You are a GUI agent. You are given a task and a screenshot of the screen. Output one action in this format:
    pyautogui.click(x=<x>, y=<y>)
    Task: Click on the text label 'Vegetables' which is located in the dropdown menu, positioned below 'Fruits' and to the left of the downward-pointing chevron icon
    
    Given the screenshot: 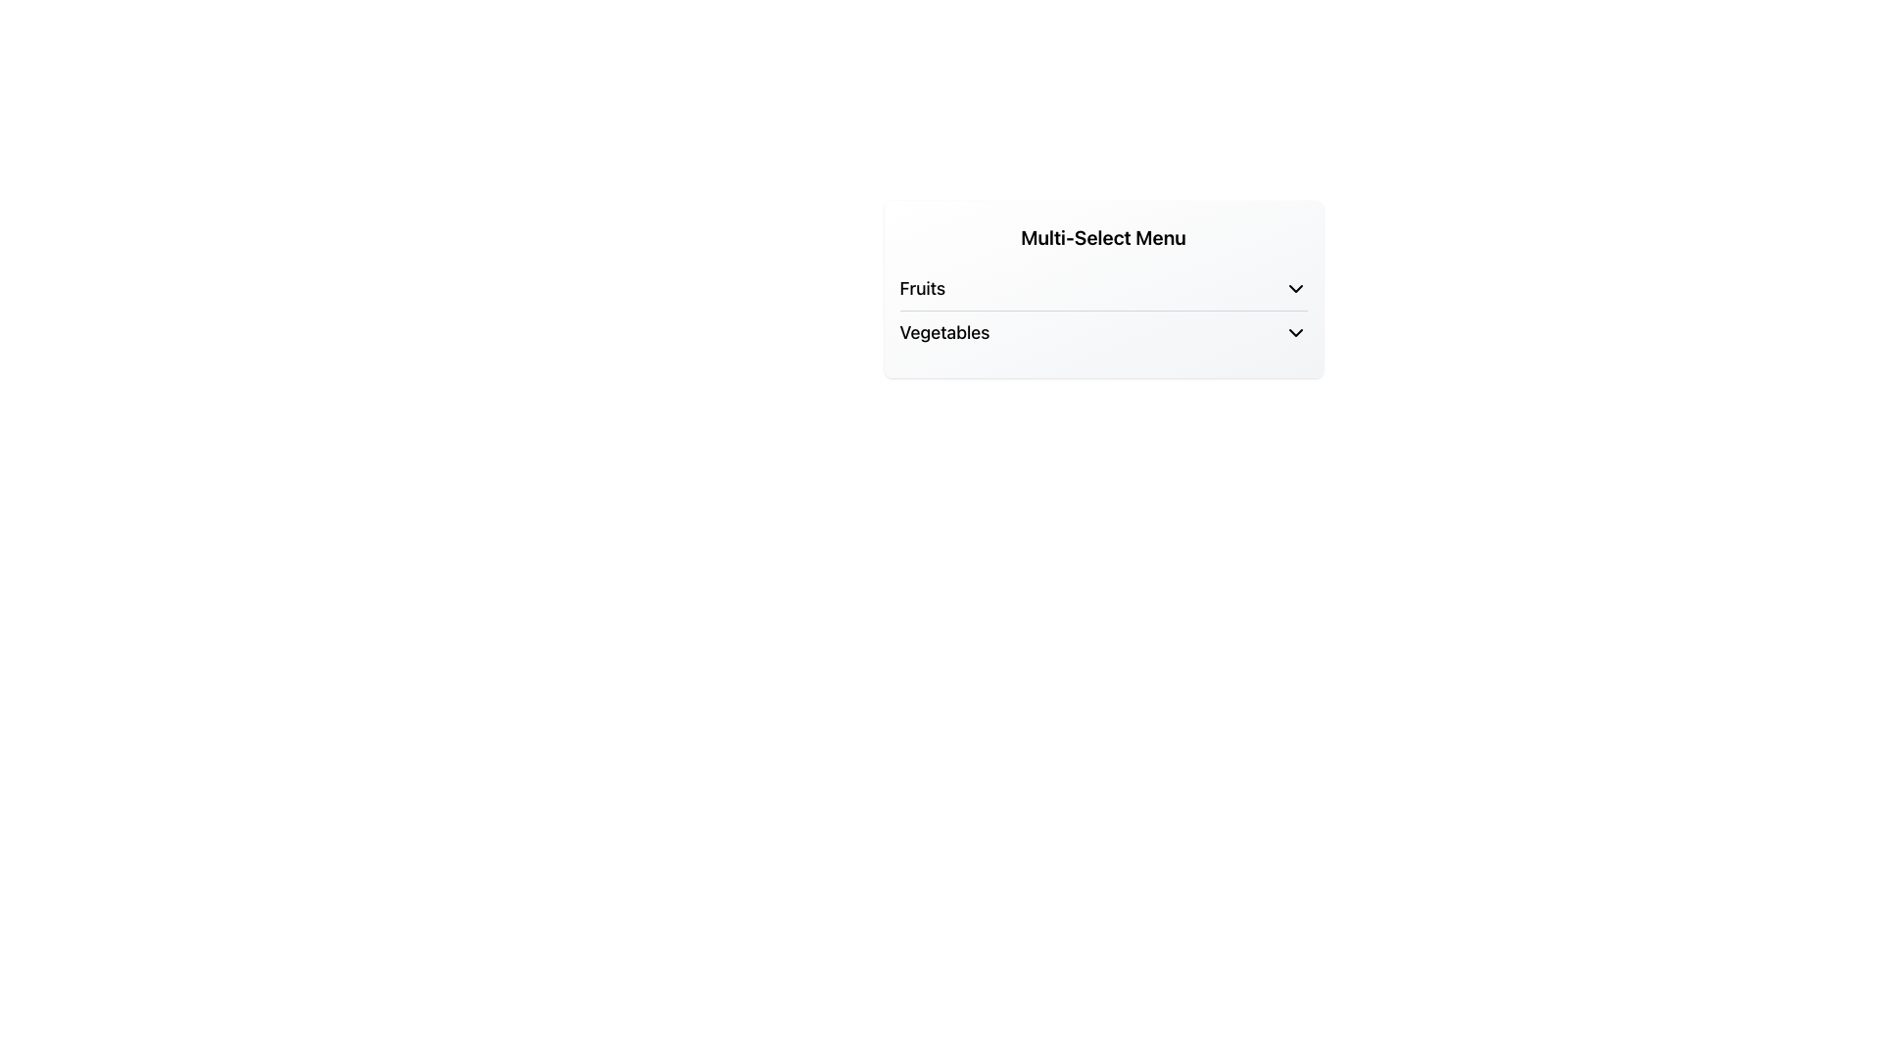 What is the action you would take?
    pyautogui.click(x=944, y=331)
    